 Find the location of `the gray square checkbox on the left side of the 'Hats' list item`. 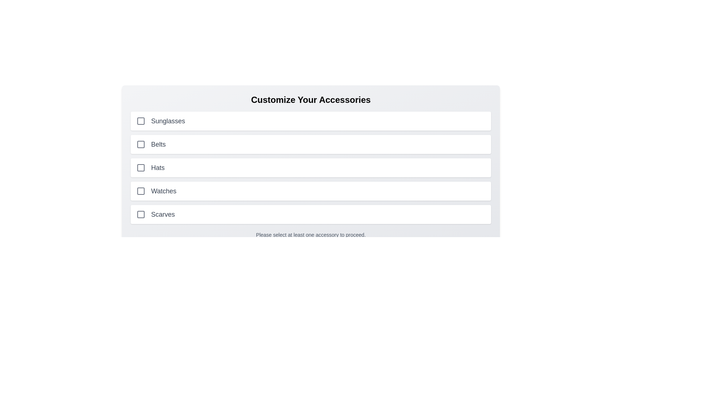

the gray square checkbox on the left side of the 'Hats' list item is located at coordinates (141, 167).